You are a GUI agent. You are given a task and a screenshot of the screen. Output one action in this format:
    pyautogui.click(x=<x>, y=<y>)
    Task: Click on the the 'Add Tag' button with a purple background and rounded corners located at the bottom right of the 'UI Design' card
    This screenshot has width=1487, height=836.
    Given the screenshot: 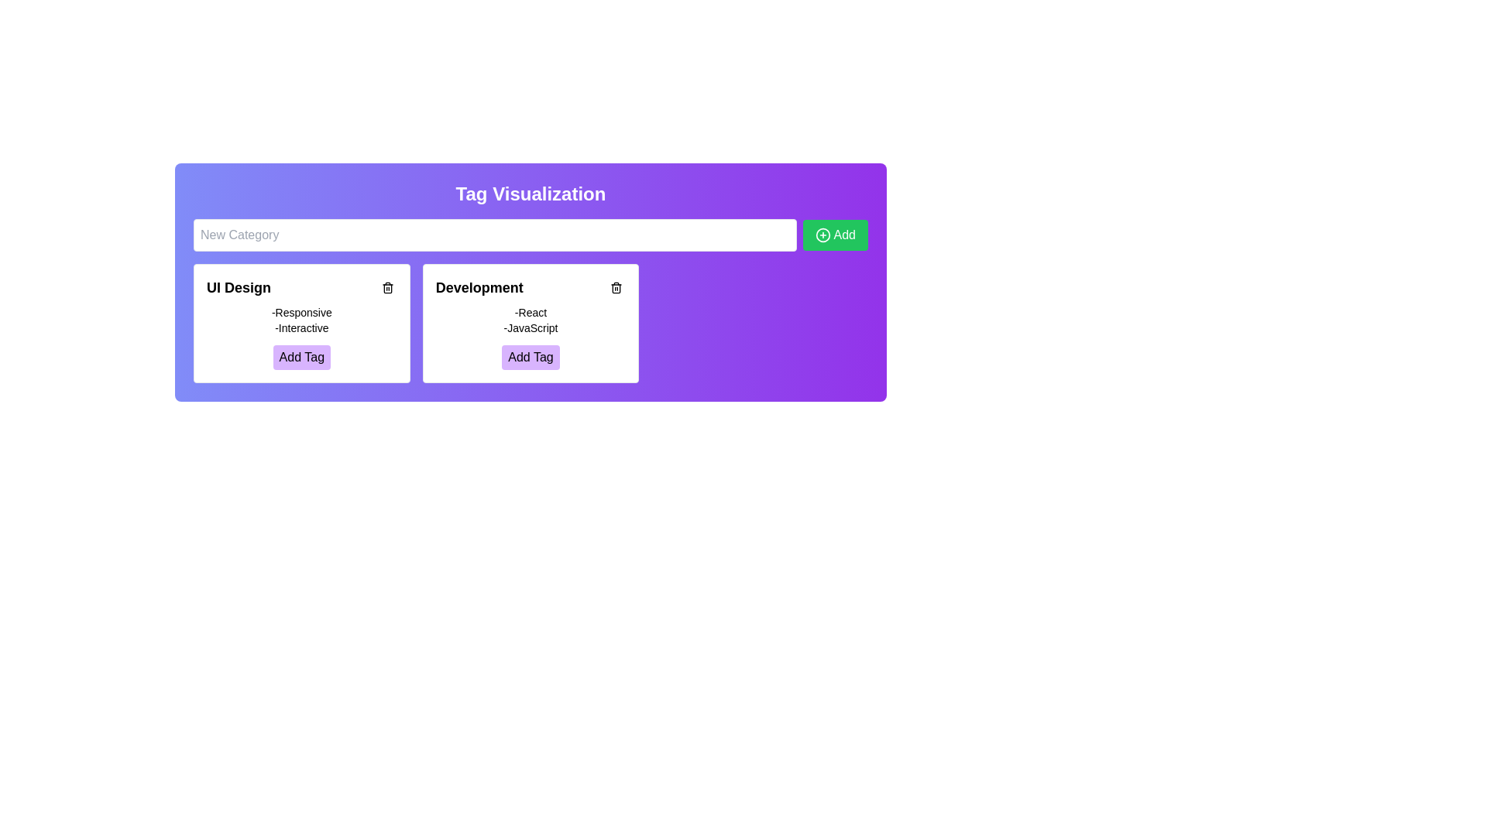 What is the action you would take?
    pyautogui.click(x=301, y=358)
    